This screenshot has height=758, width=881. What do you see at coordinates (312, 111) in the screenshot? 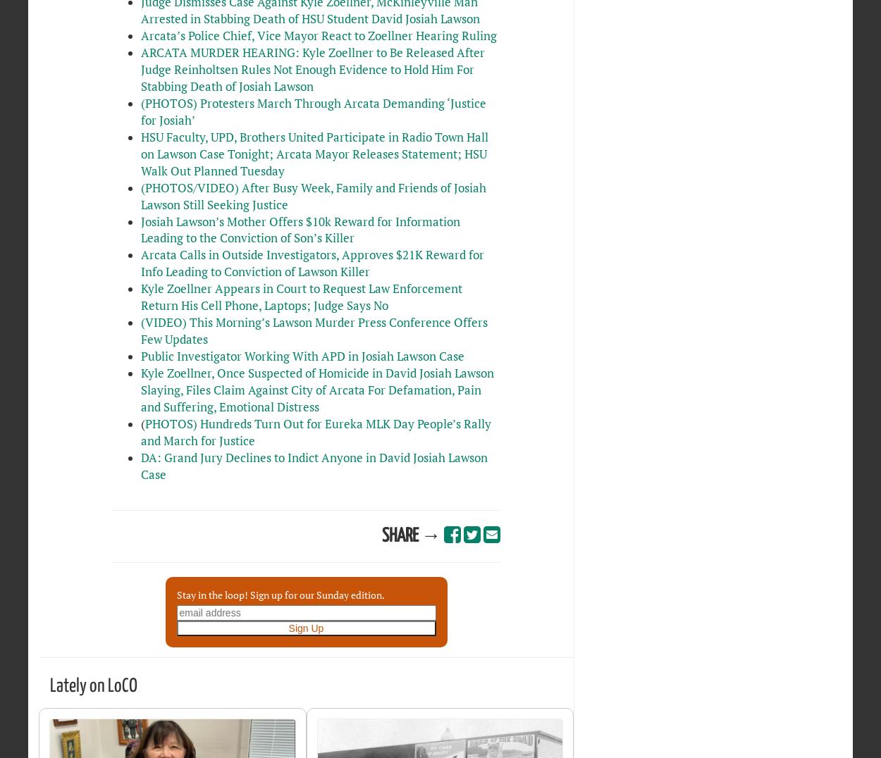
I see `'(PHOTOS) Protesters March Through Arcata Demanding ‘Justice for Josiah’'` at bounding box center [312, 111].